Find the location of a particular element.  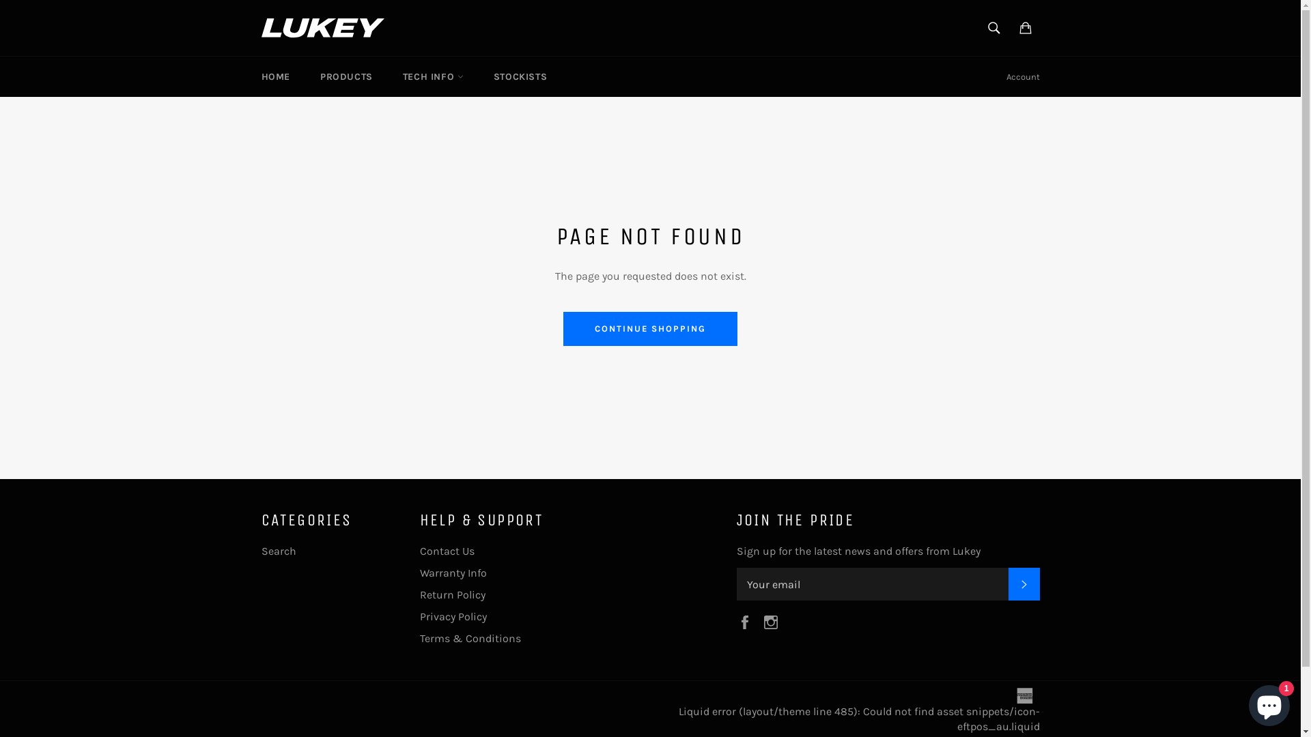

'Instagram' is located at coordinates (773, 621).